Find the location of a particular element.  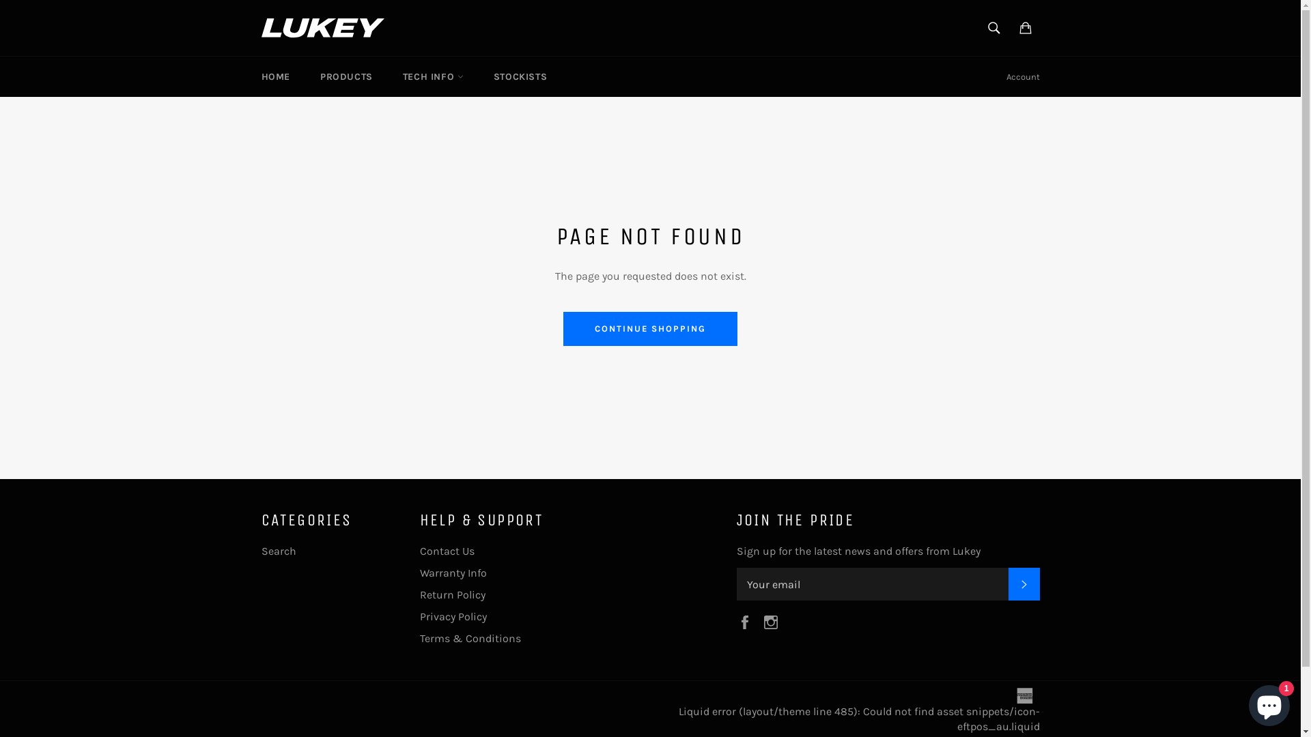

'Instagram' is located at coordinates (773, 621).